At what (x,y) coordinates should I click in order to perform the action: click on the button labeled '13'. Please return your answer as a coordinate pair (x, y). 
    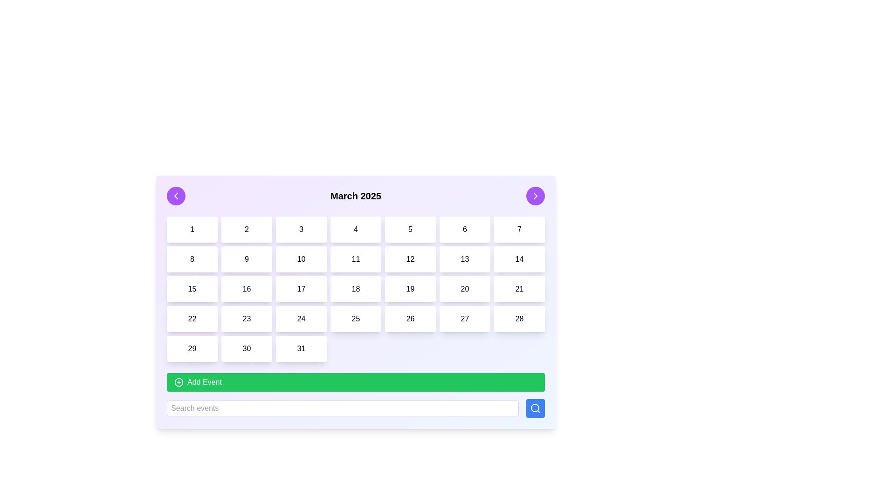
    Looking at the image, I should click on (465, 259).